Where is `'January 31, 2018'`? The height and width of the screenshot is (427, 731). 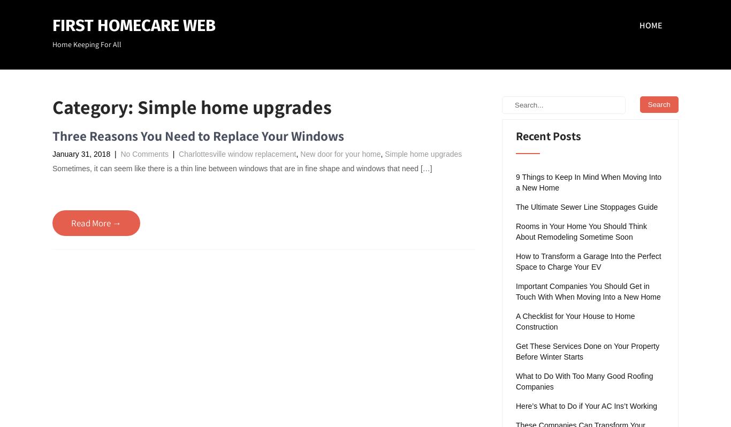
'January 31, 2018' is located at coordinates (81, 153).